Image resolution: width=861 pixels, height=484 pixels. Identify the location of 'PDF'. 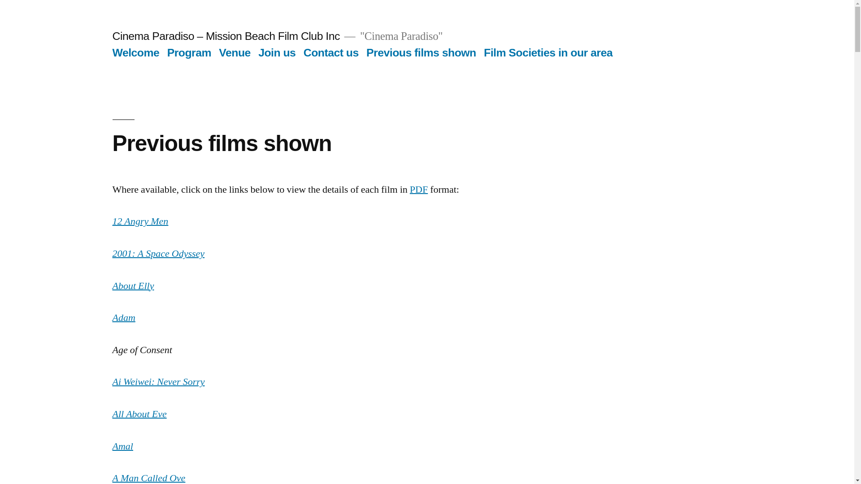
(418, 189).